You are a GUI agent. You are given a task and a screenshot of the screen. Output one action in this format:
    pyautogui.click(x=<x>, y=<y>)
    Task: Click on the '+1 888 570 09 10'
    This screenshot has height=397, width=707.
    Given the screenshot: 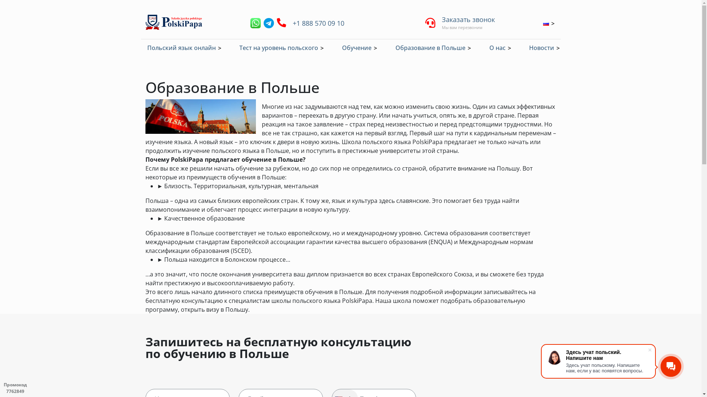 What is the action you would take?
    pyautogui.click(x=292, y=22)
    